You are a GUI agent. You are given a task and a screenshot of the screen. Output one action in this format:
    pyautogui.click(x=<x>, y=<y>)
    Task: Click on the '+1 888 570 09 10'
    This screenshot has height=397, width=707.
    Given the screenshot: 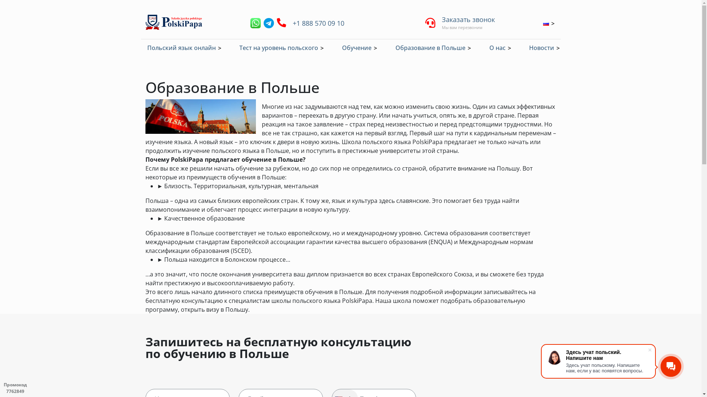 What is the action you would take?
    pyautogui.click(x=292, y=22)
    